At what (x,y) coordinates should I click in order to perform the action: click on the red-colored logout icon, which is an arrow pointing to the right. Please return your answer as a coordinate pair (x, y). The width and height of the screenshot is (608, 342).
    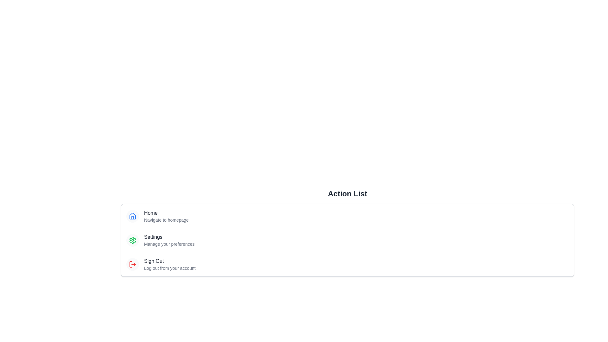
    Looking at the image, I should click on (132, 264).